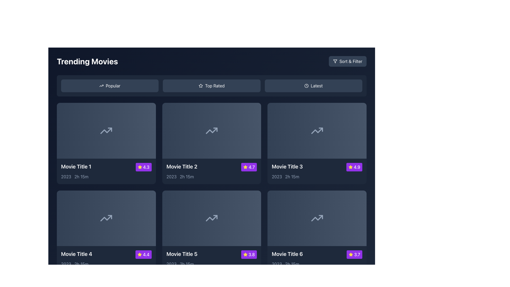  What do you see at coordinates (251, 167) in the screenshot?
I see `the text label displaying '4.7' in white color on a purple background, located in the bottom right corner of the second movie card in the grid layout` at bounding box center [251, 167].